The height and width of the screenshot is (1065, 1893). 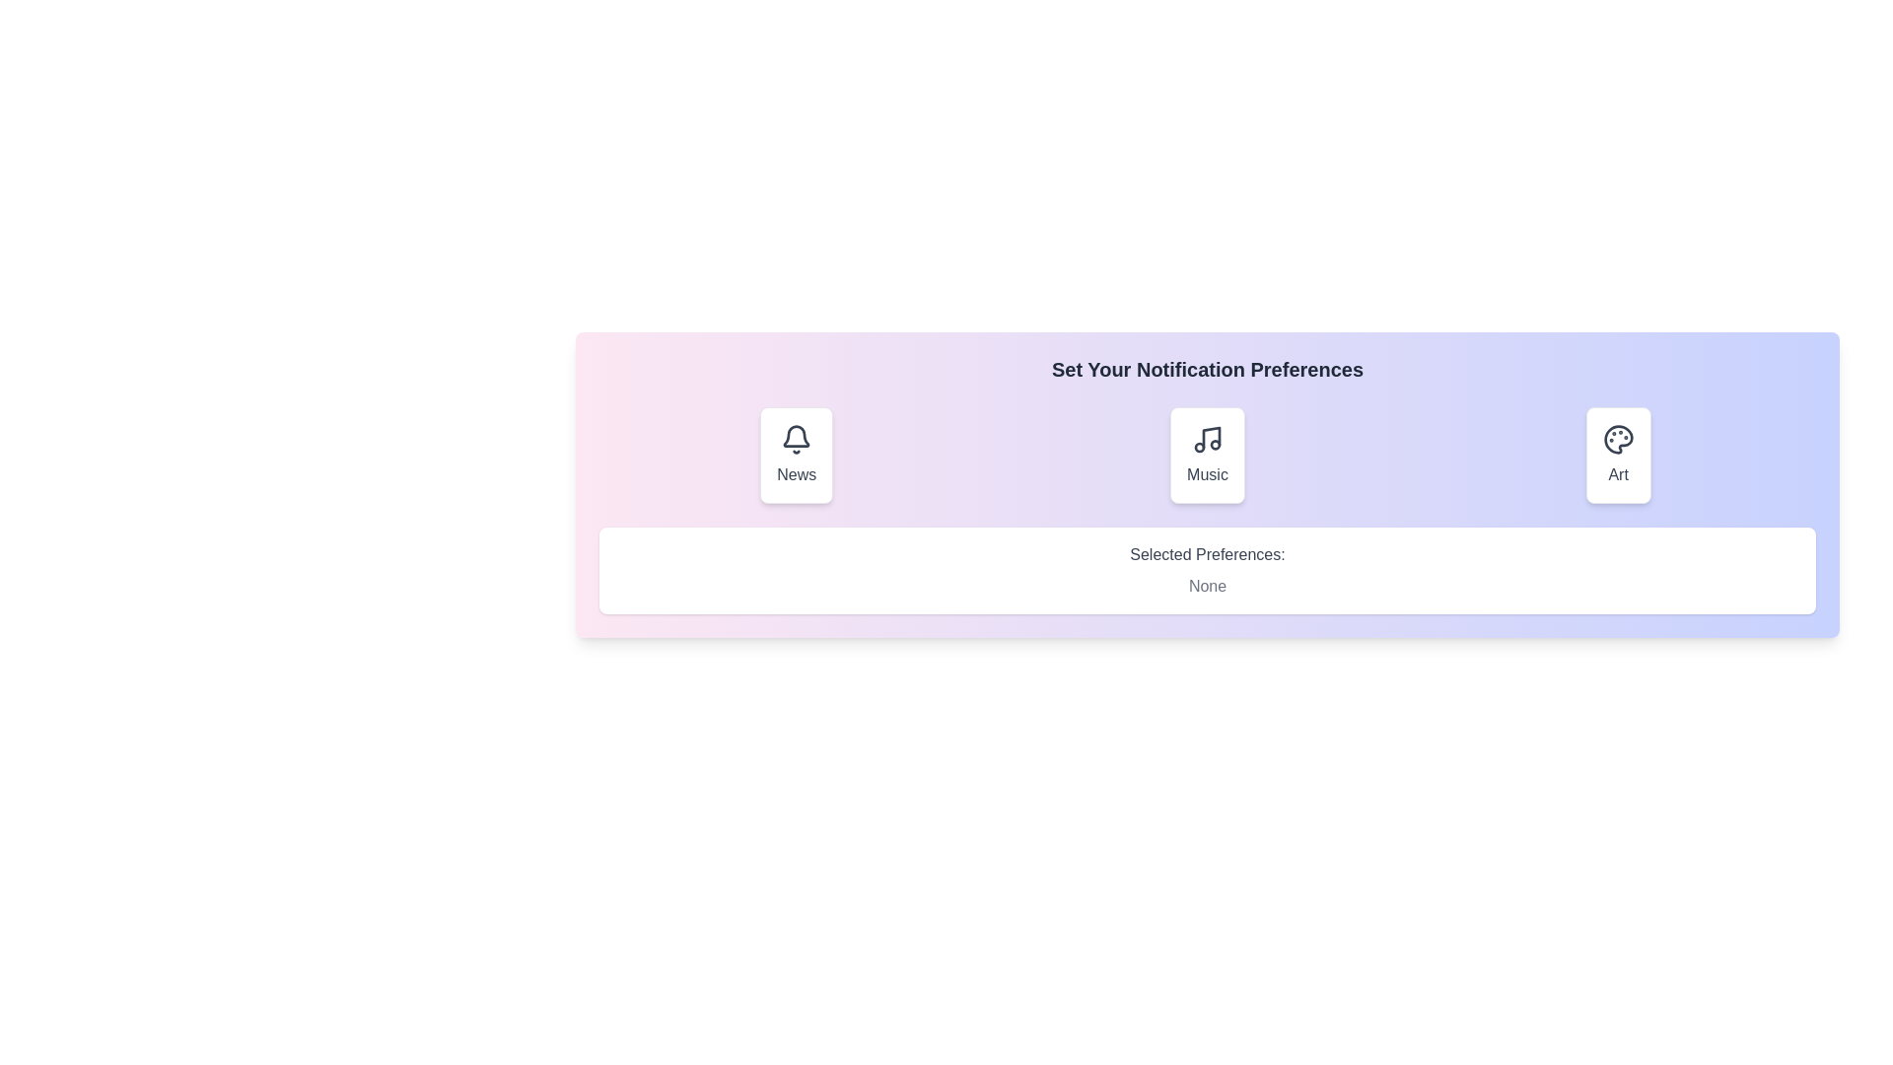 What do you see at coordinates (796, 475) in the screenshot?
I see `the 'News' notifications label located below the bell icon in the left section of the horizontal component set` at bounding box center [796, 475].